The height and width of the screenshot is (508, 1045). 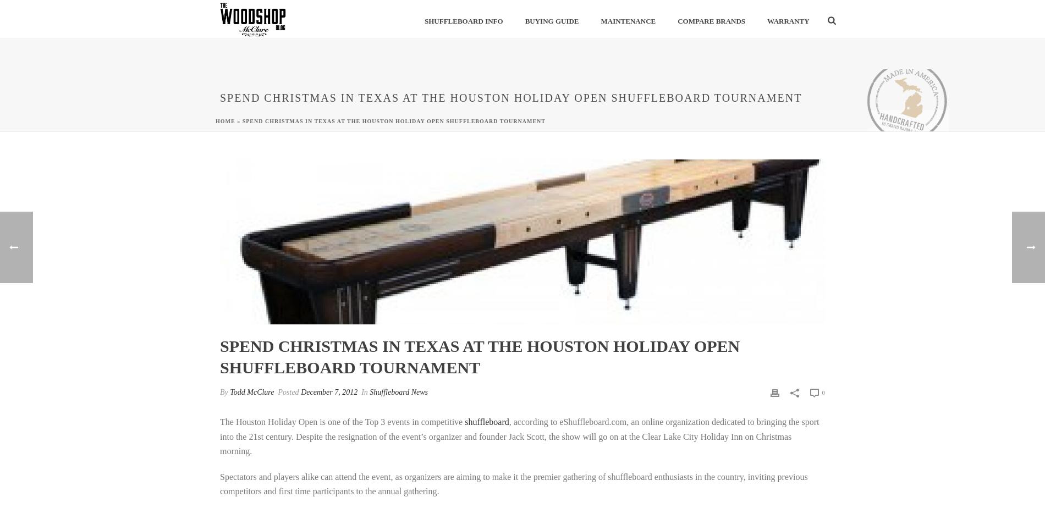 What do you see at coordinates (229, 392) in the screenshot?
I see `'Todd McClure'` at bounding box center [229, 392].